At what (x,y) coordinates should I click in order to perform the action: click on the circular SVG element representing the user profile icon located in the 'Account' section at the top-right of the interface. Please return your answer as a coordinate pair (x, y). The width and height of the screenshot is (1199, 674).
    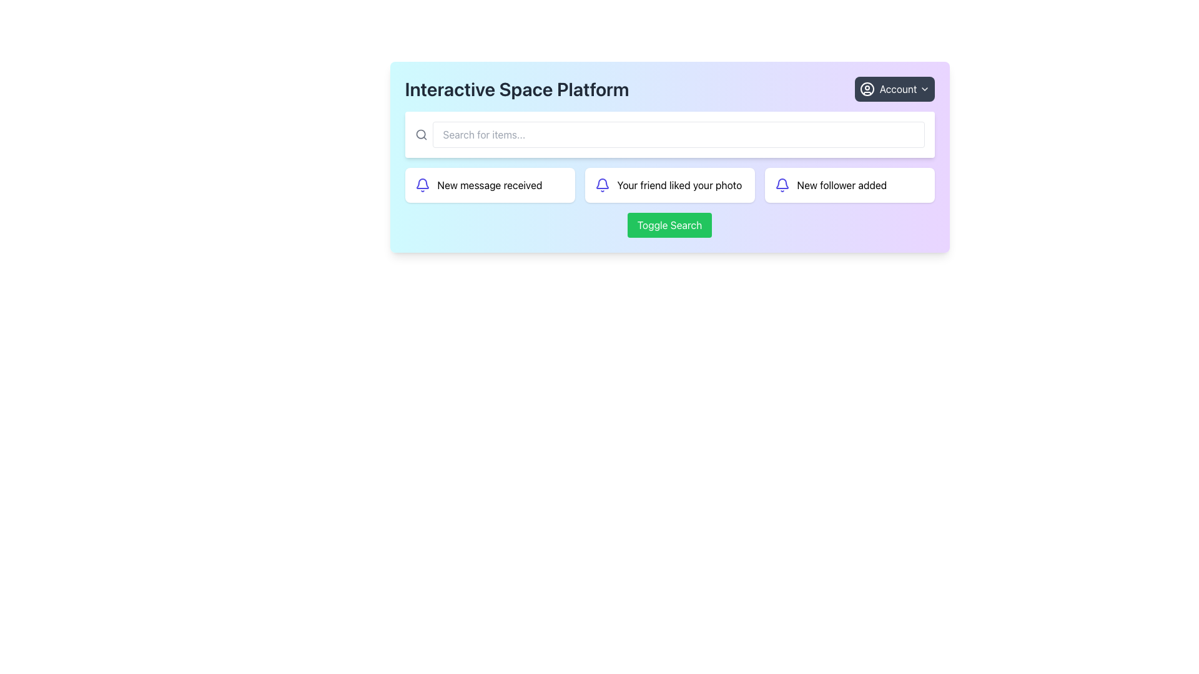
    Looking at the image, I should click on (866, 88).